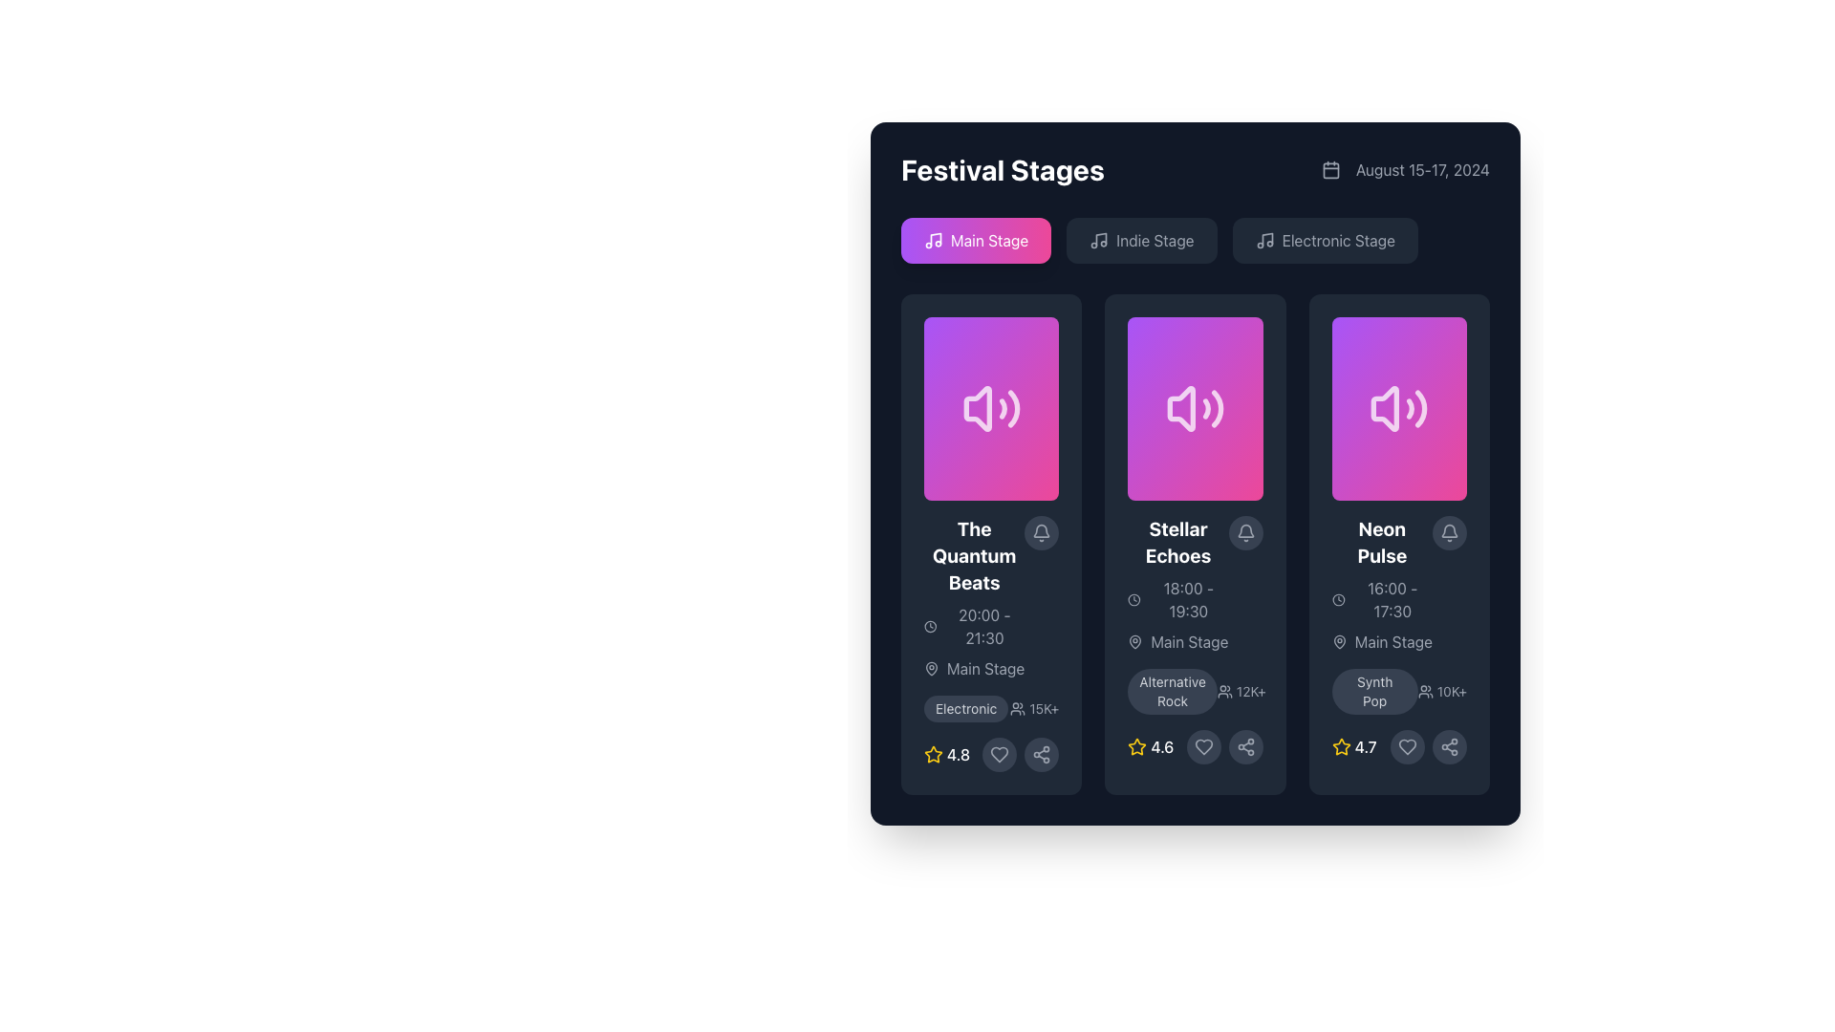 The width and height of the screenshot is (1835, 1032). What do you see at coordinates (1399, 692) in the screenshot?
I see `the audience icon in the 'Neon Pulse' section of the third card in the 'Festival Stages' list` at bounding box center [1399, 692].